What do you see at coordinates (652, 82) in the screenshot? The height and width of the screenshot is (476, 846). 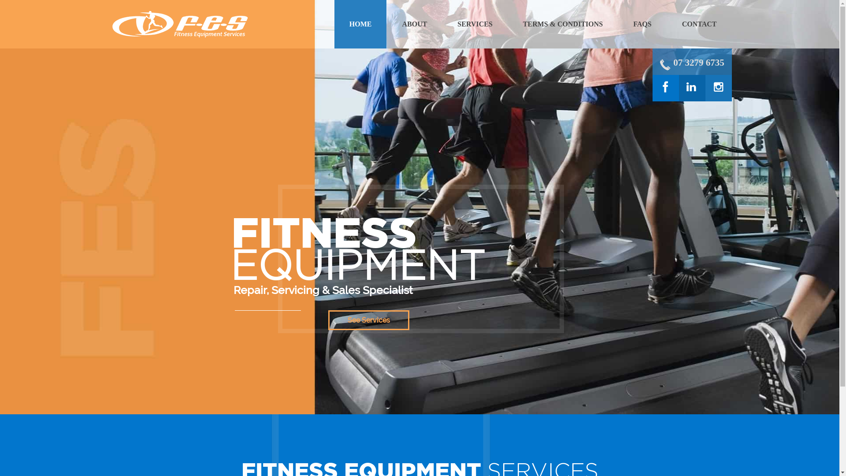 I see `'facebook'` at bounding box center [652, 82].